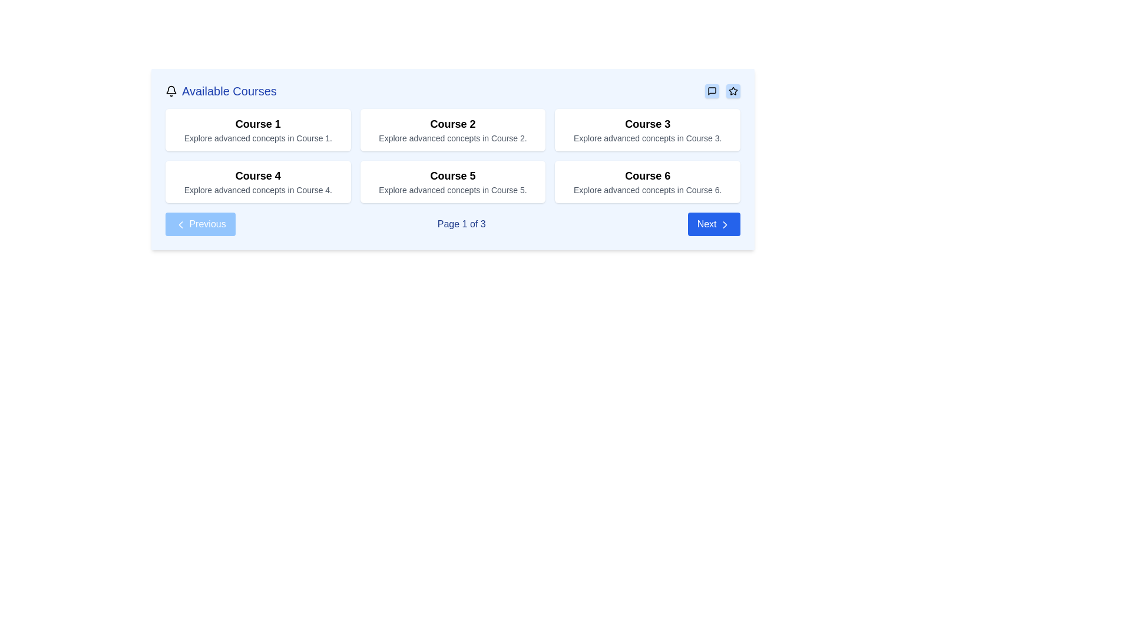 The height and width of the screenshot is (636, 1131). What do you see at coordinates (461, 224) in the screenshot?
I see `the text label that indicates the current page number and total pages, located between the 'Previous' and 'Next' buttons in the pagination controls` at bounding box center [461, 224].